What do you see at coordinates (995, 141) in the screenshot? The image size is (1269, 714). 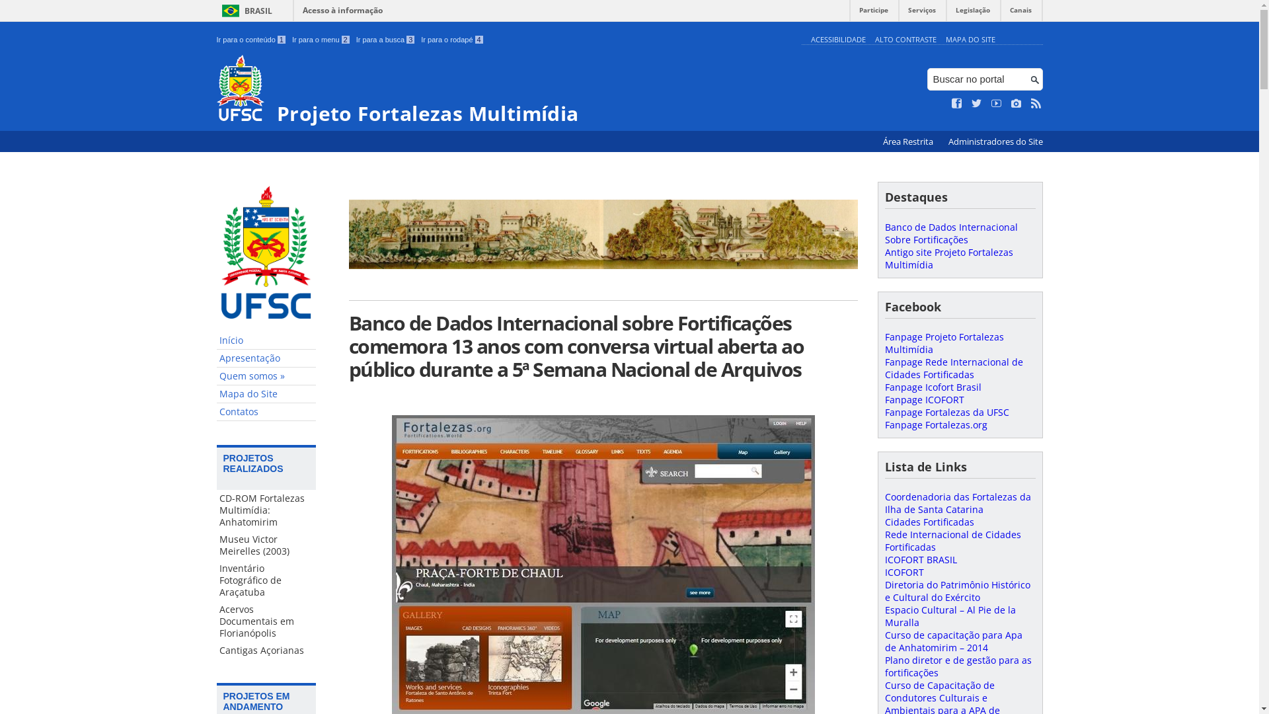 I see `'Administradores do Site'` at bounding box center [995, 141].